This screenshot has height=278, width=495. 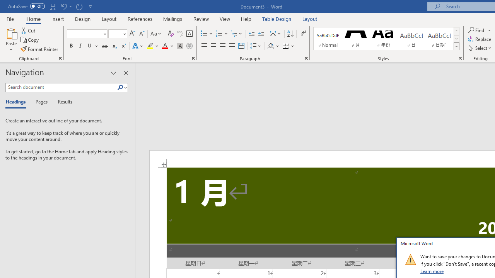 What do you see at coordinates (306, 58) in the screenshot?
I see `'Paragraph...'` at bounding box center [306, 58].